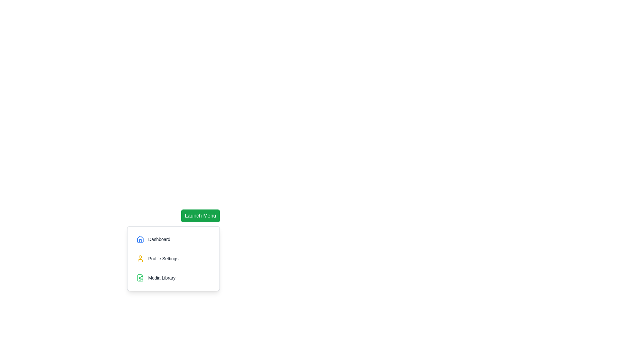 This screenshot has height=347, width=618. What do you see at coordinates (163, 258) in the screenshot?
I see `the 'Profile Settings' text label, which is styled in gray and positioned below the 'Dashboard' and above the 'Media Library' options in the vertical menu layout` at bounding box center [163, 258].